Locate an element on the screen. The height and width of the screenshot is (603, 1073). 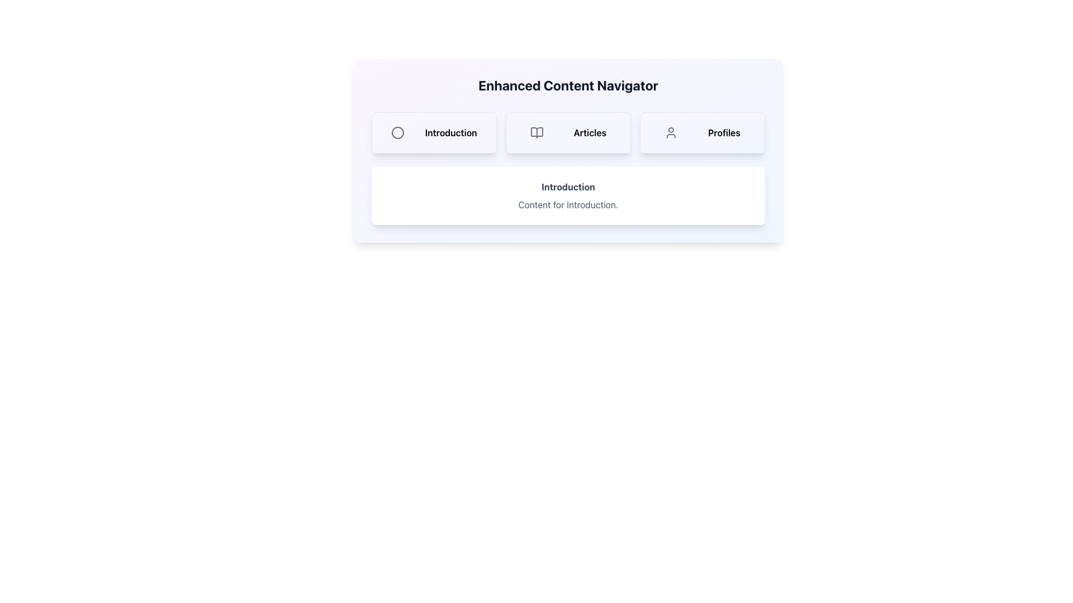
the 'Introduction' button located on the leftmost part of the row of three buttons in the 'Enhanced Content Navigator' is located at coordinates (434, 132).